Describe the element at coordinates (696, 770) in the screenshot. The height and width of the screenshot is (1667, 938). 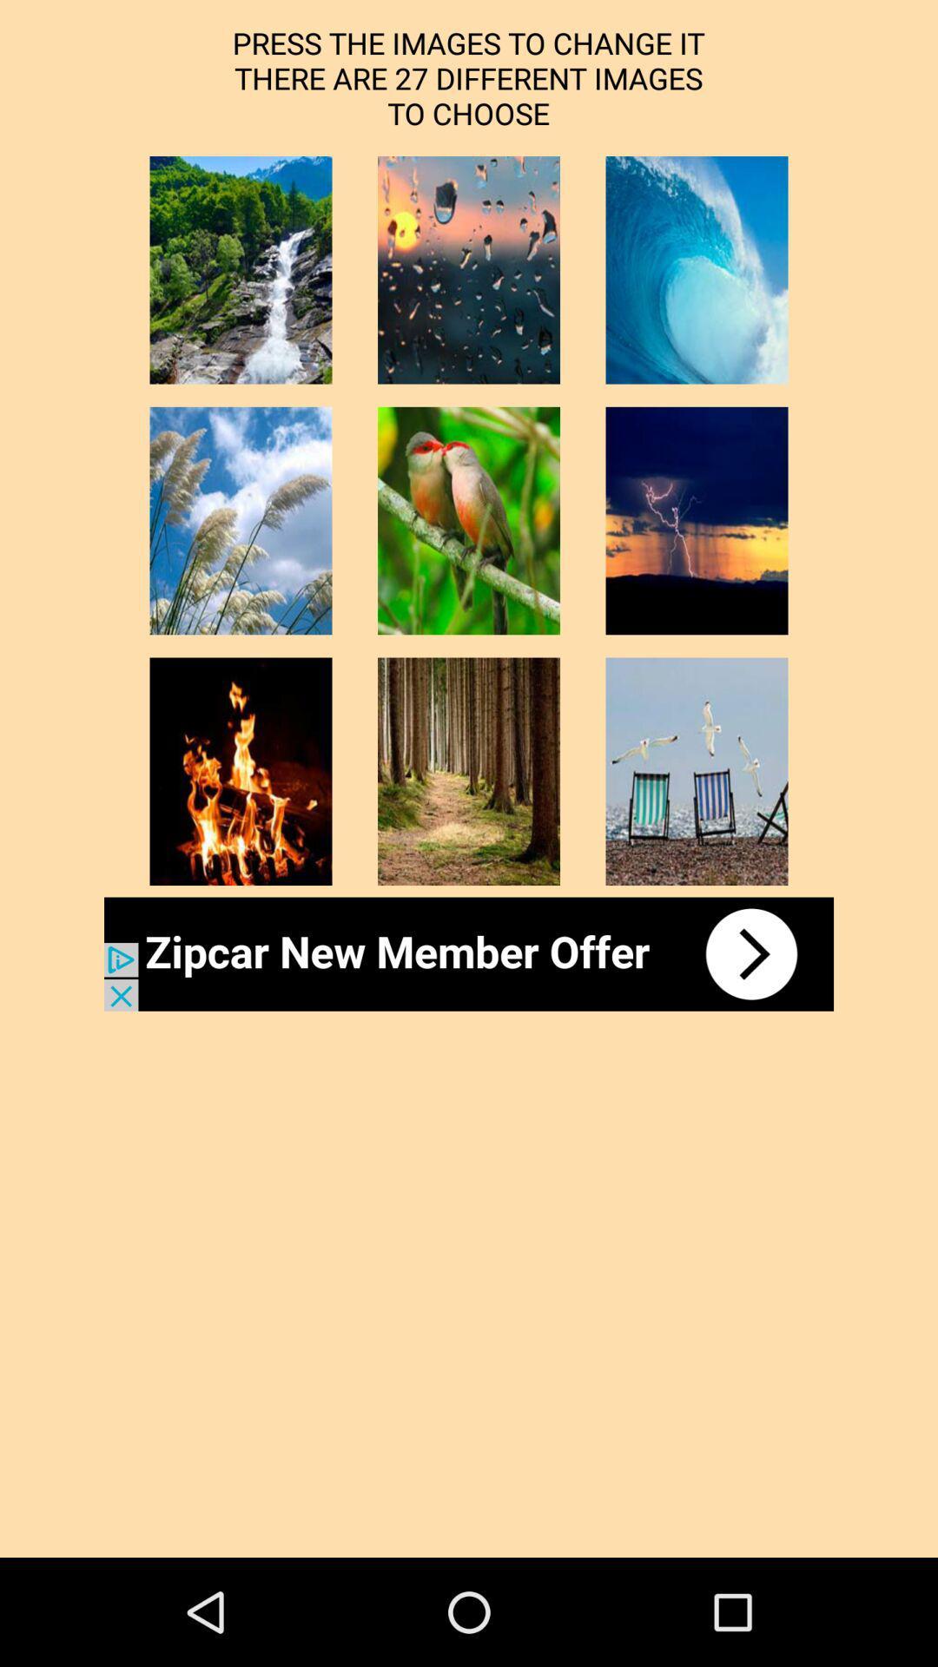
I see `choose image` at that location.